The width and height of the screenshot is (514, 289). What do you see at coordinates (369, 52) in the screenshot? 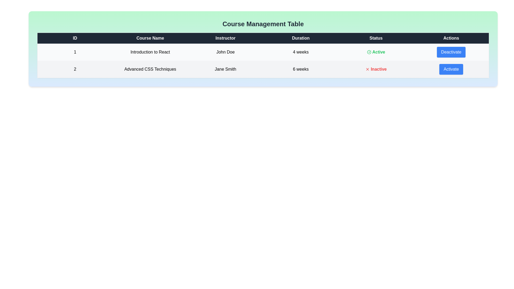
I see `the 'Active' status icon` at bounding box center [369, 52].